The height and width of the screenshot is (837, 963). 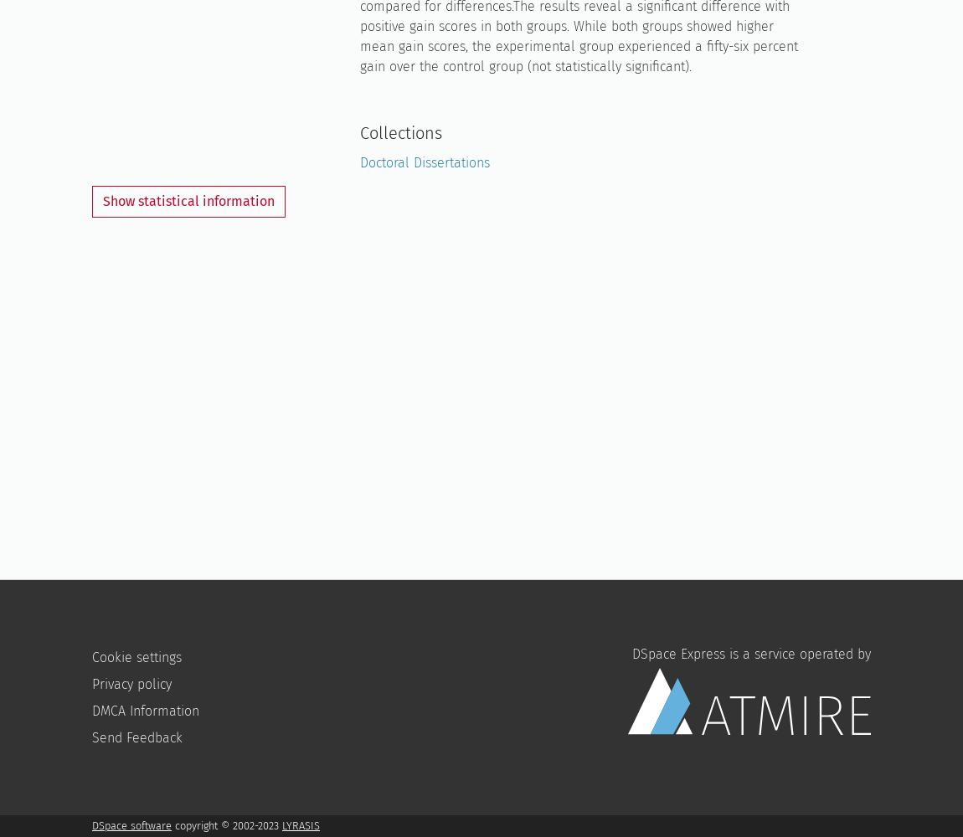 I want to click on 'Privacy policy', so click(x=131, y=682).